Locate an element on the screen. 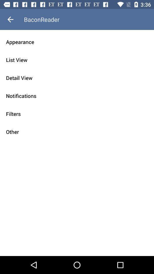 The image size is (154, 274). the notifications icon is located at coordinates (77, 96).